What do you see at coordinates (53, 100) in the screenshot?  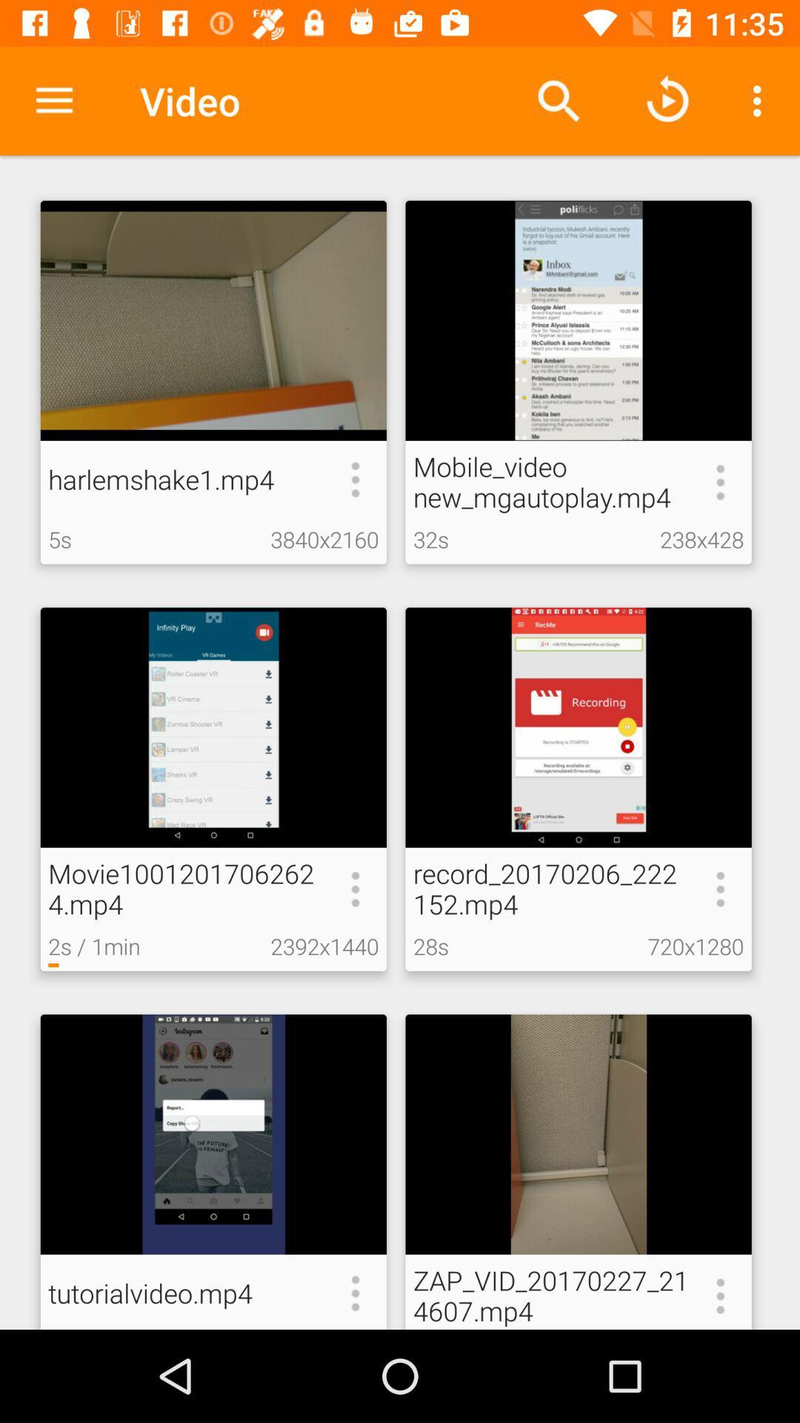 I see `the icon to the left of the video` at bounding box center [53, 100].